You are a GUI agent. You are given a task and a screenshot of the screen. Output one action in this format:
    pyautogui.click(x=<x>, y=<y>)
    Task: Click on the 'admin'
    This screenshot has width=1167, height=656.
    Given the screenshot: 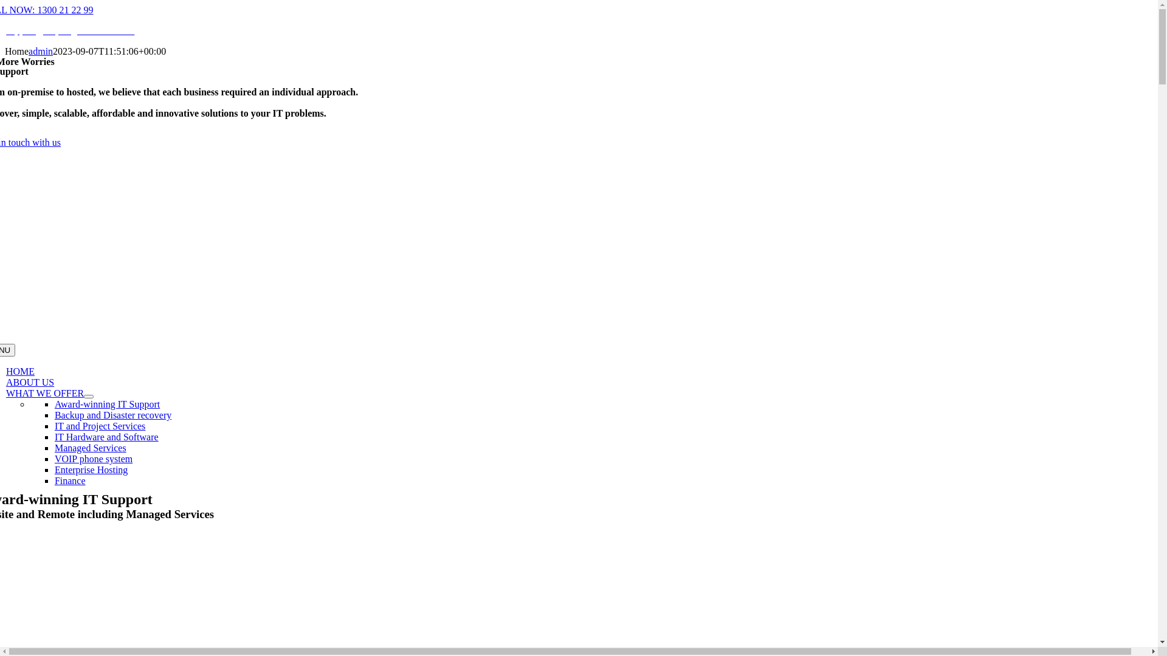 What is the action you would take?
    pyautogui.click(x=29, y=50)
    